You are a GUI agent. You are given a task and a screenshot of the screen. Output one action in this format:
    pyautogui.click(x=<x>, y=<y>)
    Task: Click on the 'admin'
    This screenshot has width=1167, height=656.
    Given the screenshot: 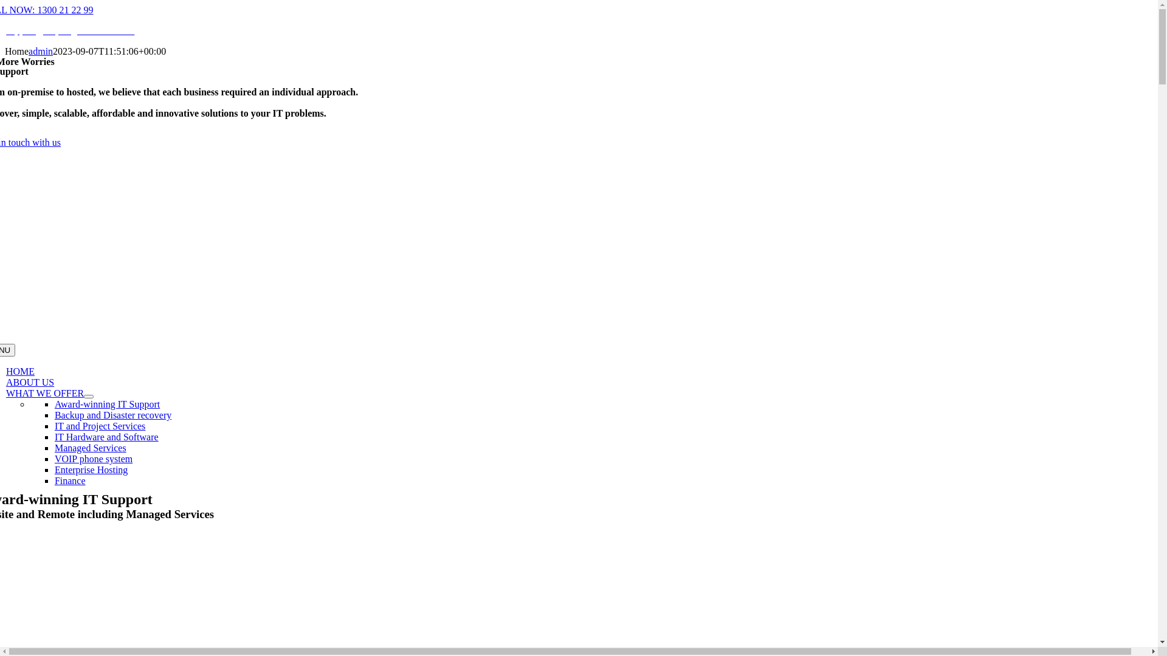 What is the action you would take?
    pyautogui.click(x=29, y=50)
    